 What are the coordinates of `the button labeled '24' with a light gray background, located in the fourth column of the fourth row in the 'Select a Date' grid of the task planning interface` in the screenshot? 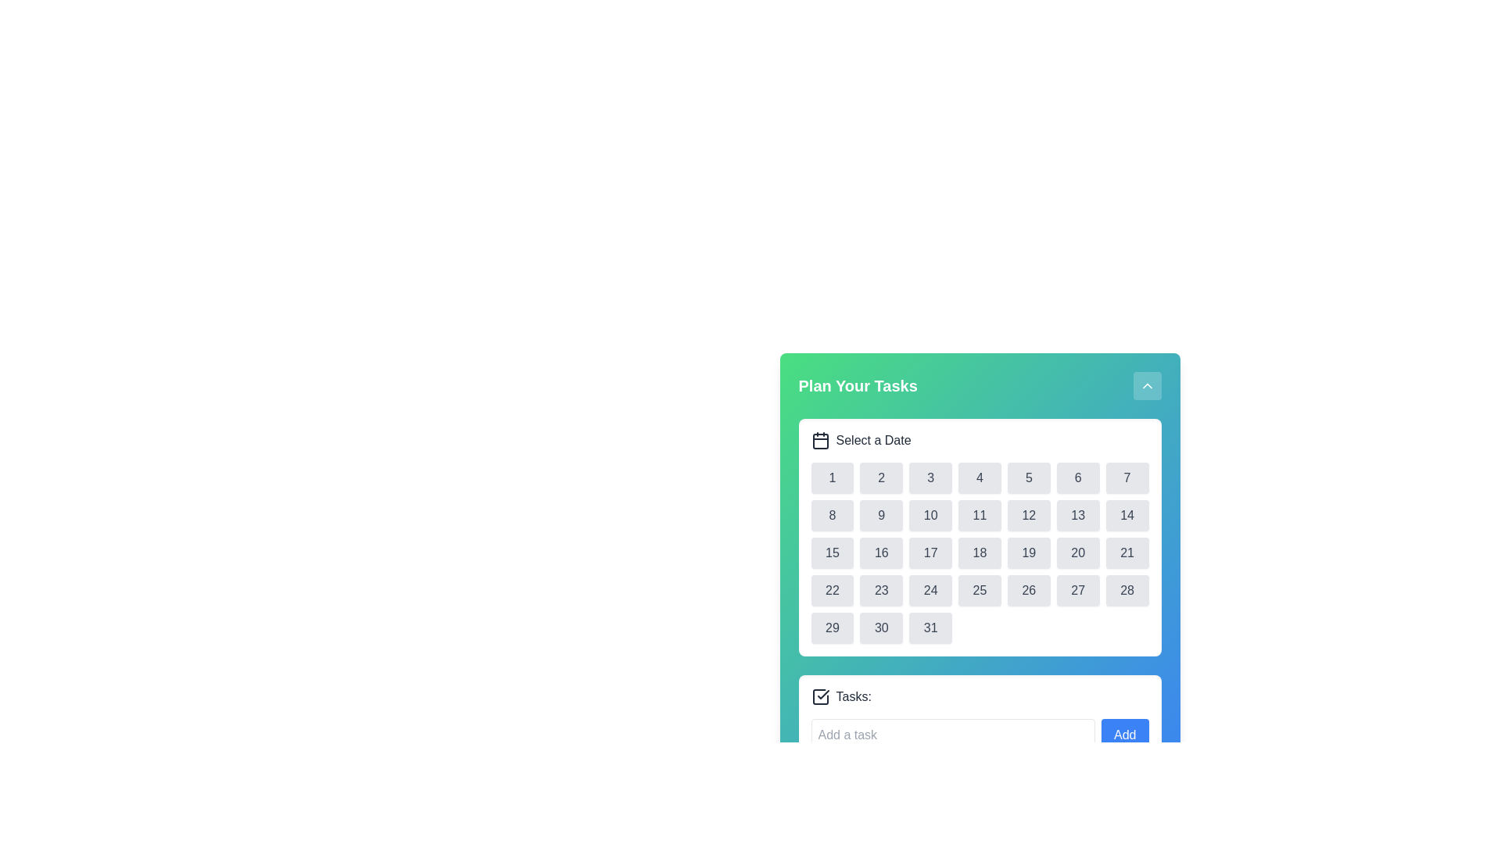 It's located at (930, 591).